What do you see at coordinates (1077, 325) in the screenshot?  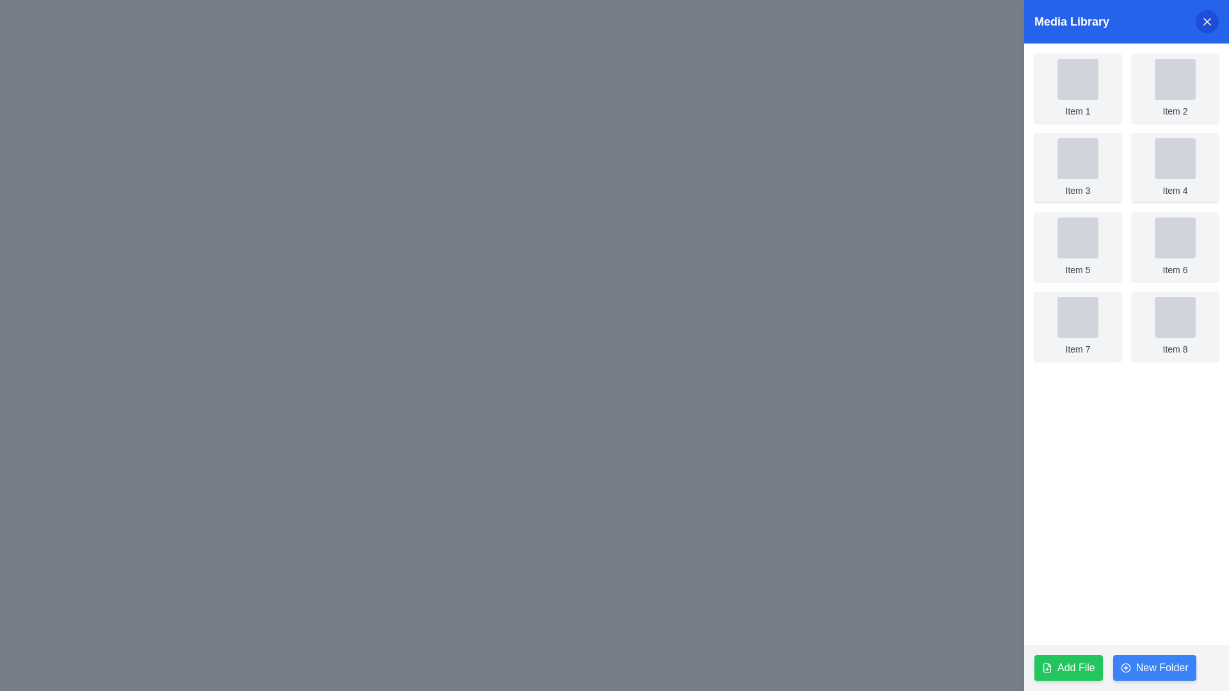 I see `the Card Component representing 'Item 7' located in the fourth row of the grid layout, specifically in the second column` at bounding box center [1077, 325].